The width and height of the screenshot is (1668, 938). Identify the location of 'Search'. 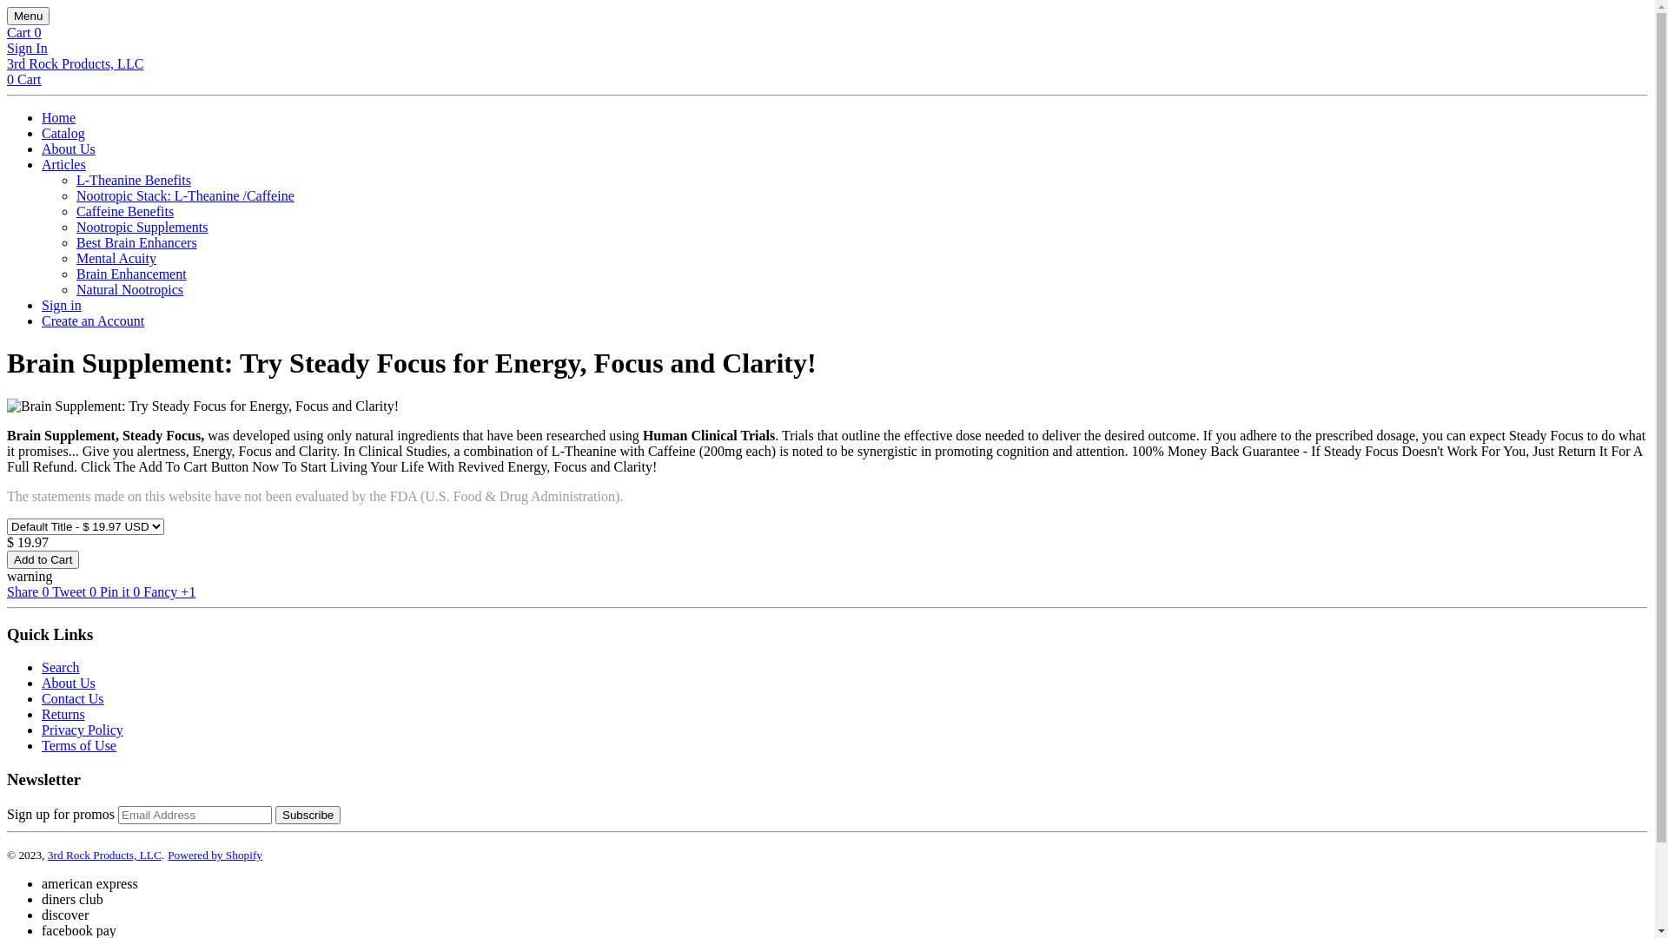
(61, 666).